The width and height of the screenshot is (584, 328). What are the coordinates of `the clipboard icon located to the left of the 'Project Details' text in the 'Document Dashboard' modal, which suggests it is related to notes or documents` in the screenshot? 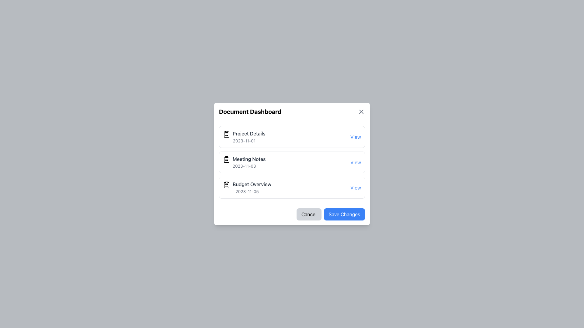 It's located at (226, 133).